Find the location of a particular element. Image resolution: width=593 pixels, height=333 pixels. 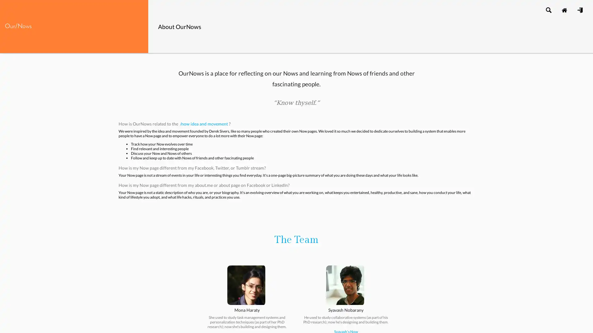

Your Now is located at coordinates (564, 10).